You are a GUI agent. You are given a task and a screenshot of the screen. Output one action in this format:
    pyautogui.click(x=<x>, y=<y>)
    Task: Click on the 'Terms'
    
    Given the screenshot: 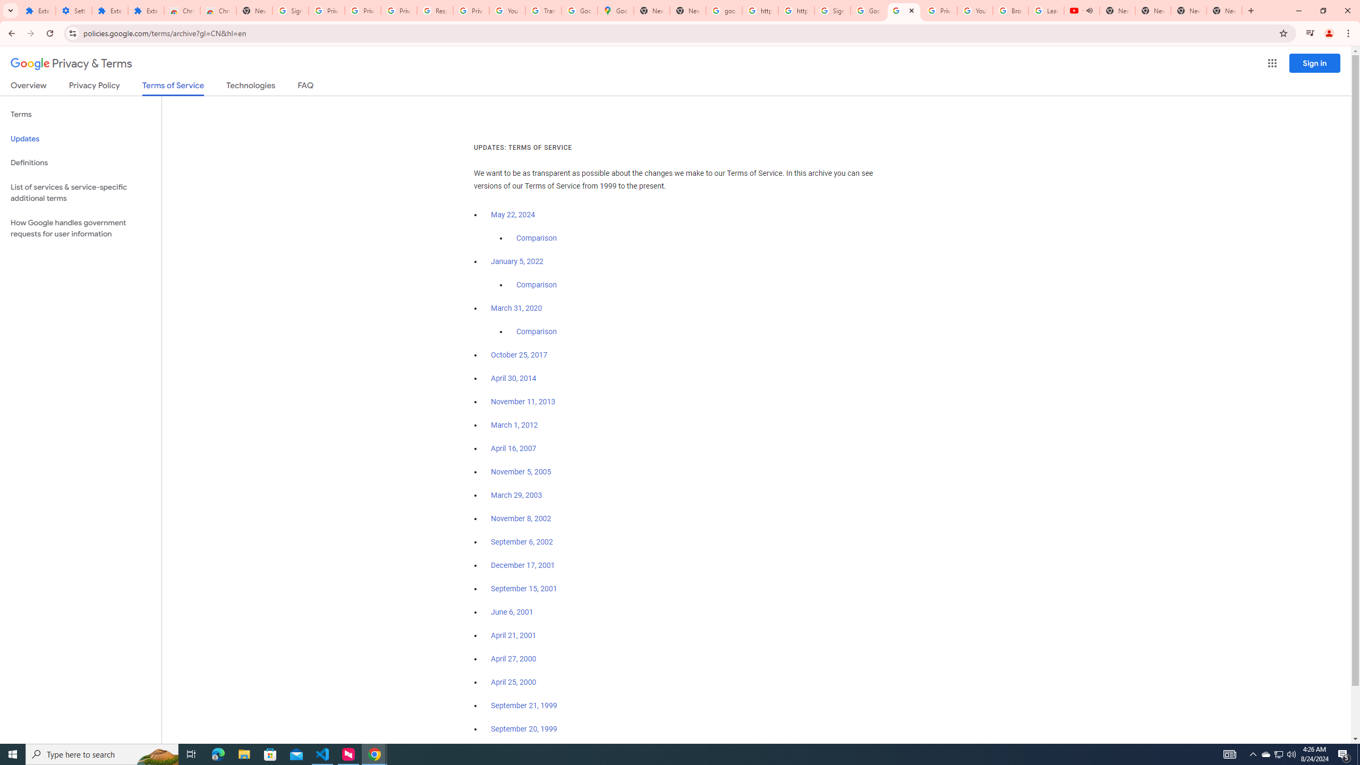 What is the action you would take?
    pyautogui.click(x=80, y=114)
    